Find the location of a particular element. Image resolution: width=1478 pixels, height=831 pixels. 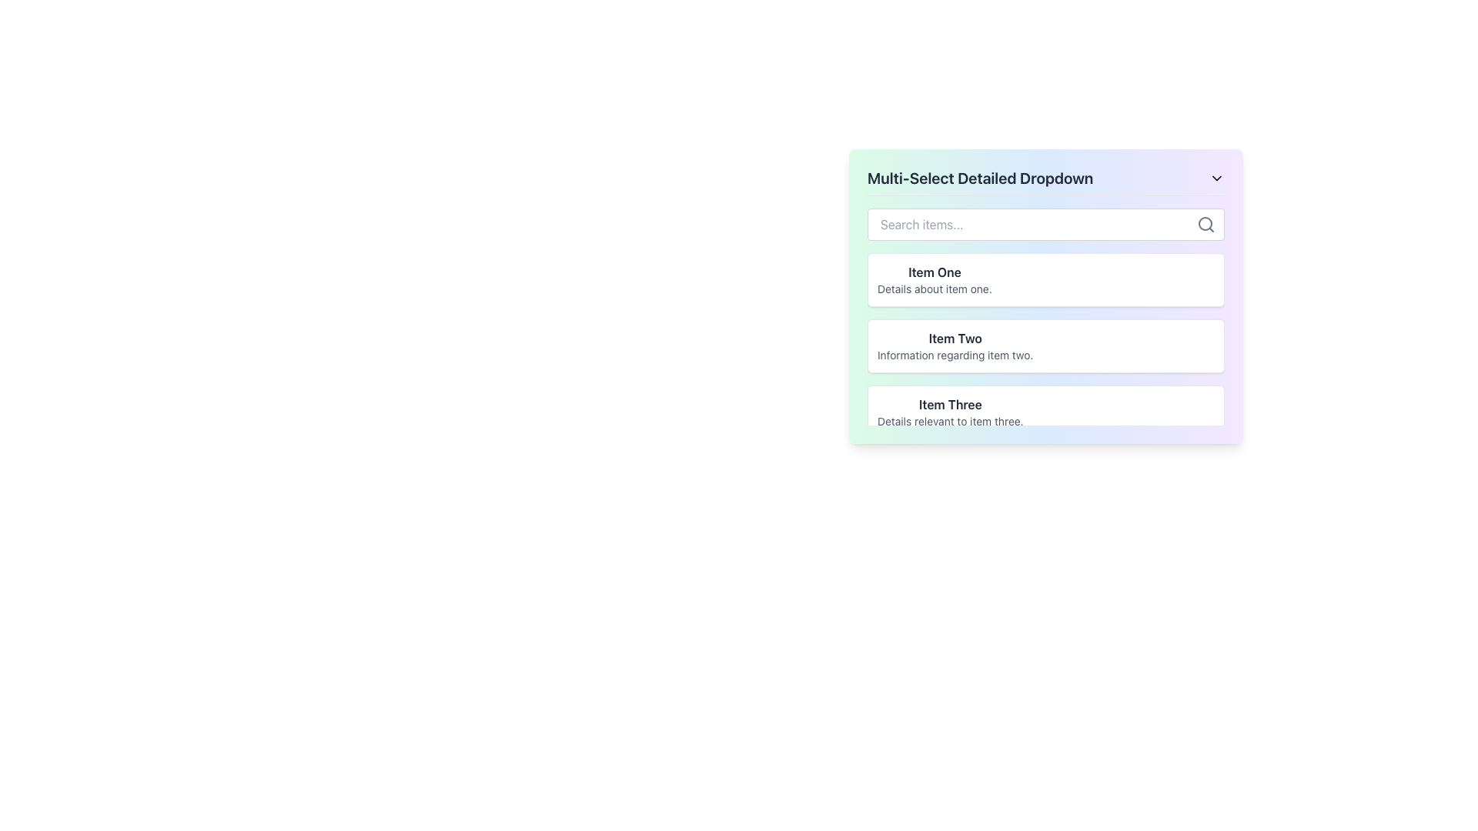

the List Item titled 'Item Three' that has a bold dark gray header and lighter gray subtext, located in the 'Multi-Select Detailed Dropdown.' is located at coordinates (949, 412).